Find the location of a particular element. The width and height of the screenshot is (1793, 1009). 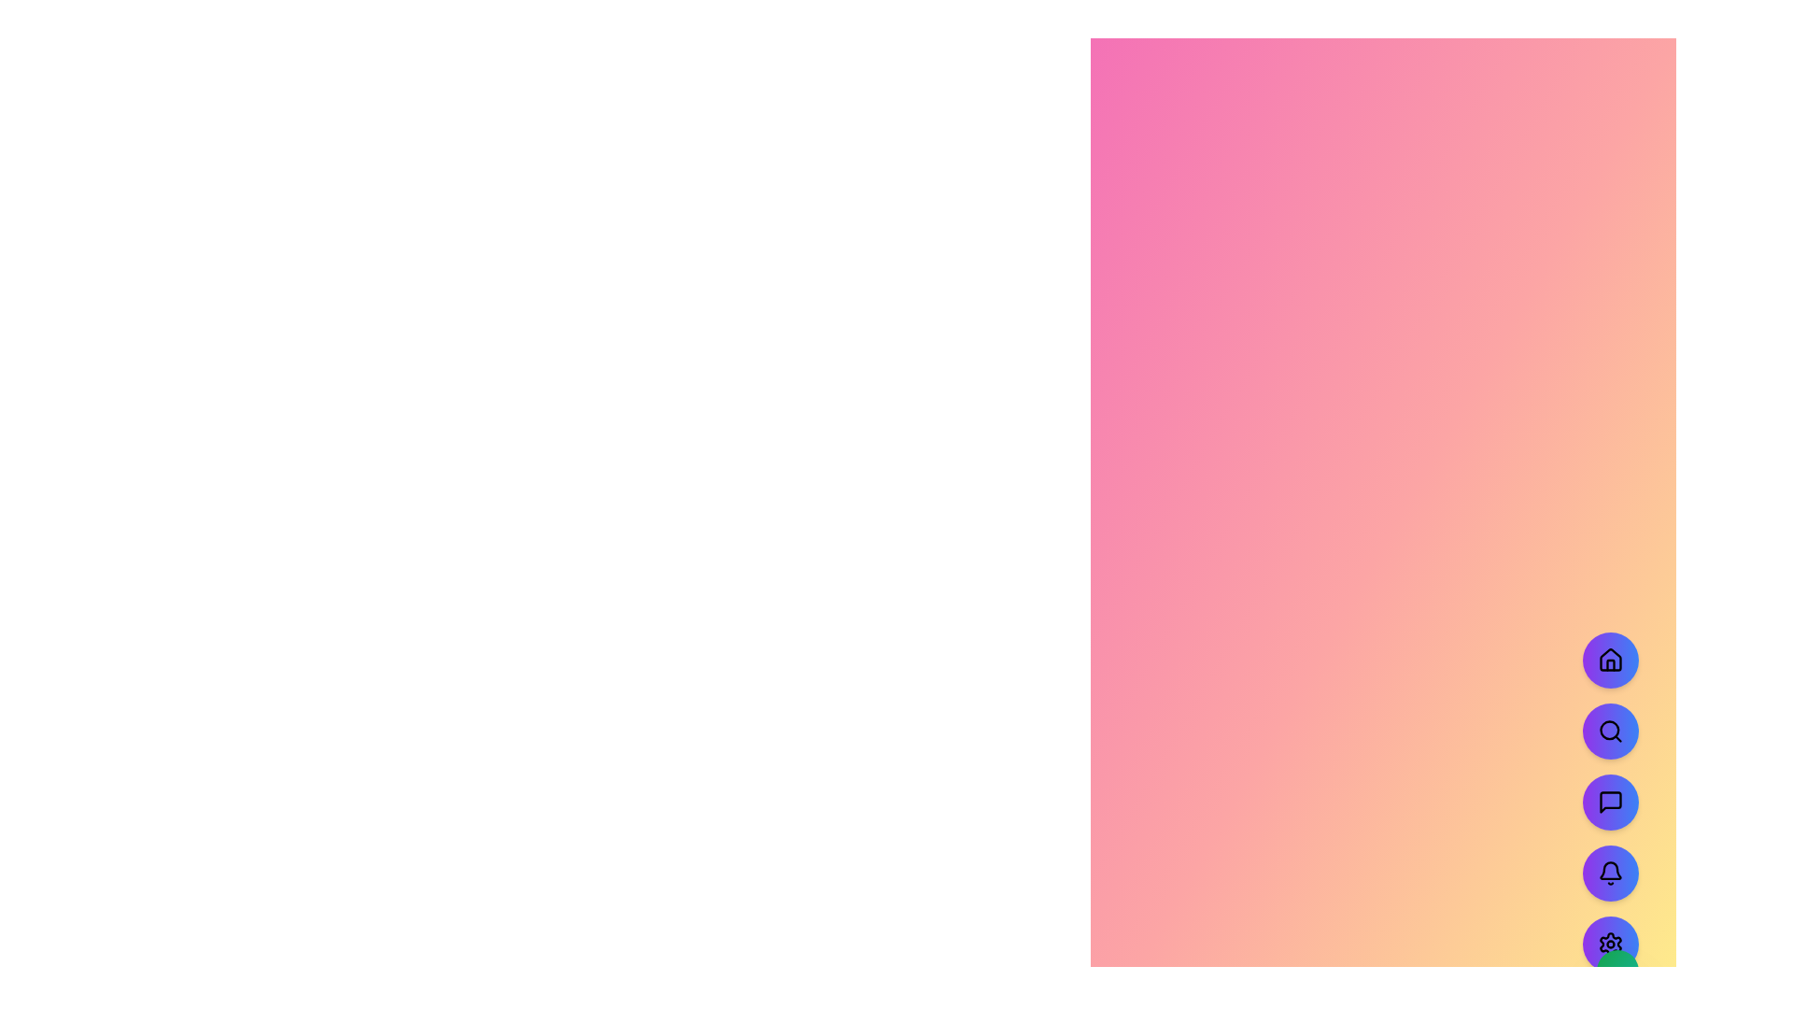

the Home icon button located at the topmost position in the vertical menu of circular buttons is located at coordinates (1609, 659).